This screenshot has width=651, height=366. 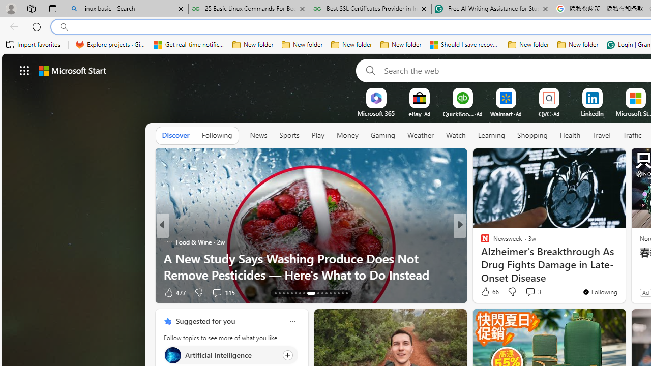 I want to click on 'AutomationID: tab-17', so click(x=291, y=293).